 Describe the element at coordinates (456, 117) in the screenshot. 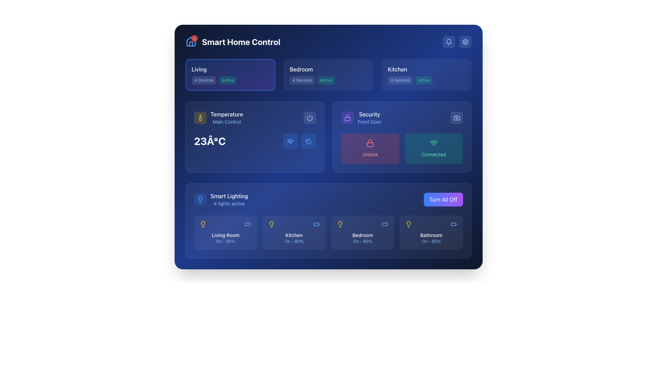

I see `the camera icon in the top-right corner of the 'Security' card, which is stylized in a blueprint style and colored light blue` at that location.